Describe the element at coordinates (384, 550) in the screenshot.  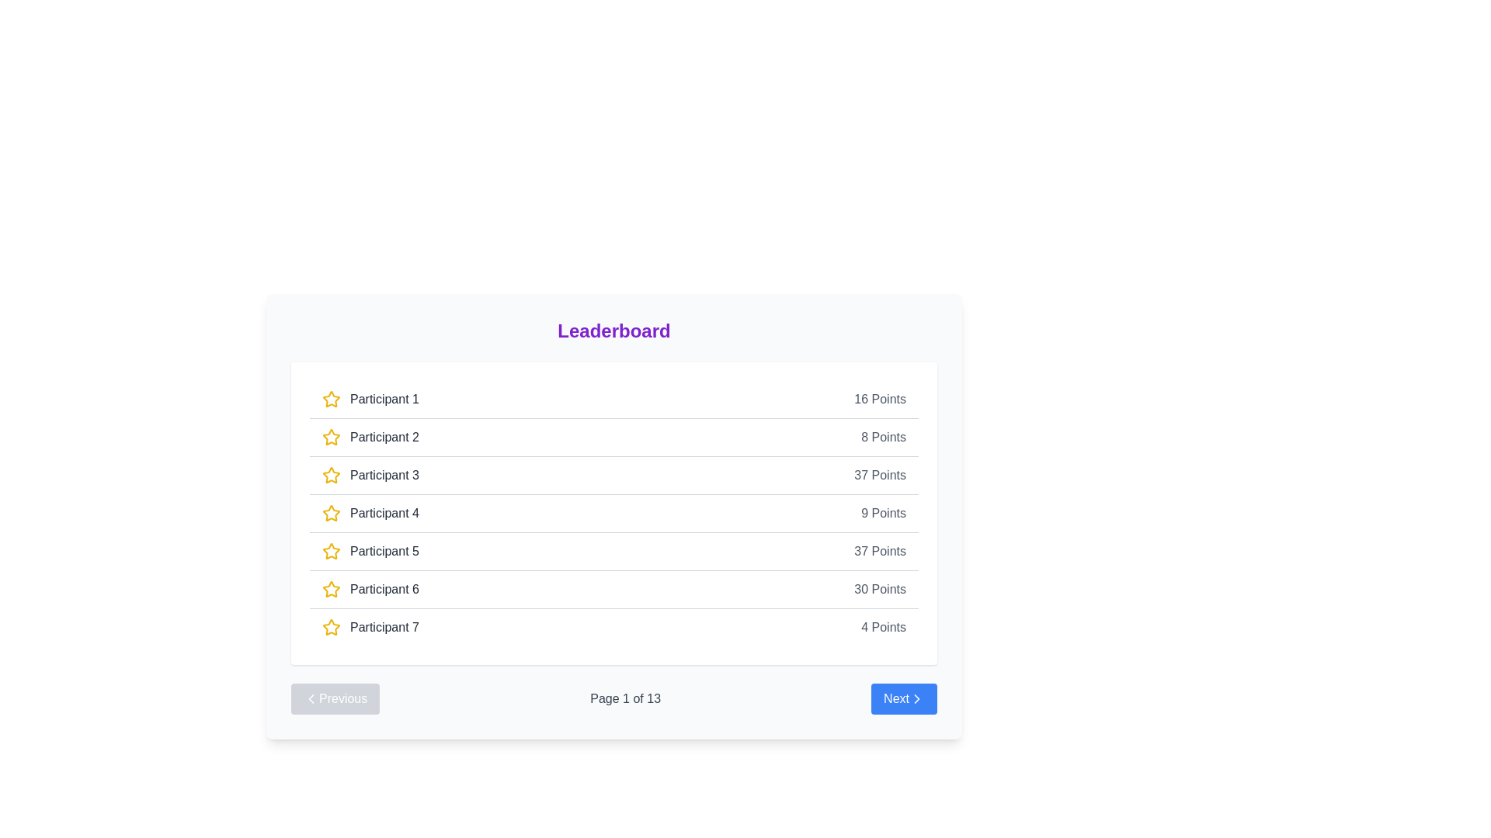
I see `the text label displaying the name of the fifth participant in the leaderboard` at that location.